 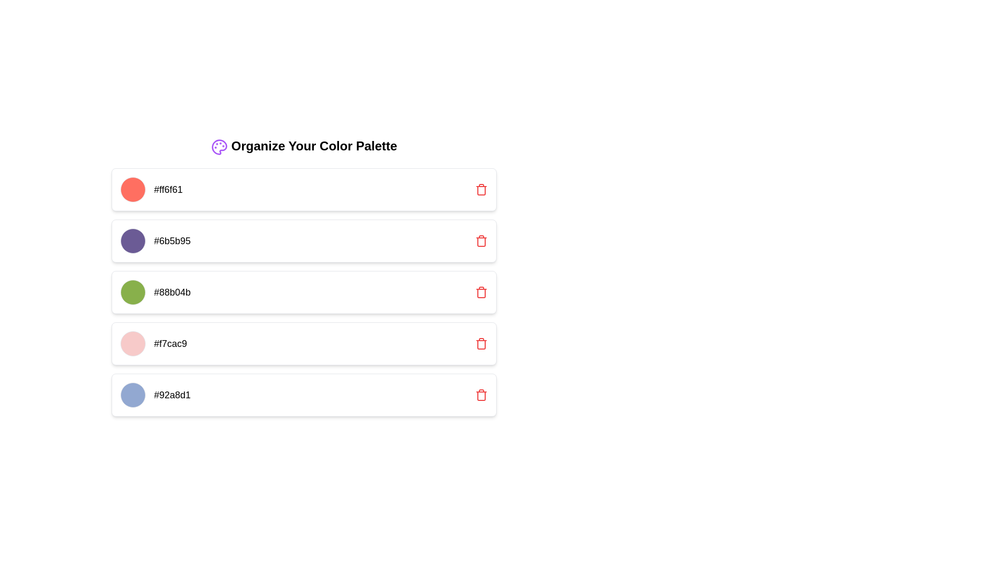 I want to click on the delete icon located to the far right of the second item in the vertical list, which is identified by the color #6b5b95, so click(x=480, y=241).